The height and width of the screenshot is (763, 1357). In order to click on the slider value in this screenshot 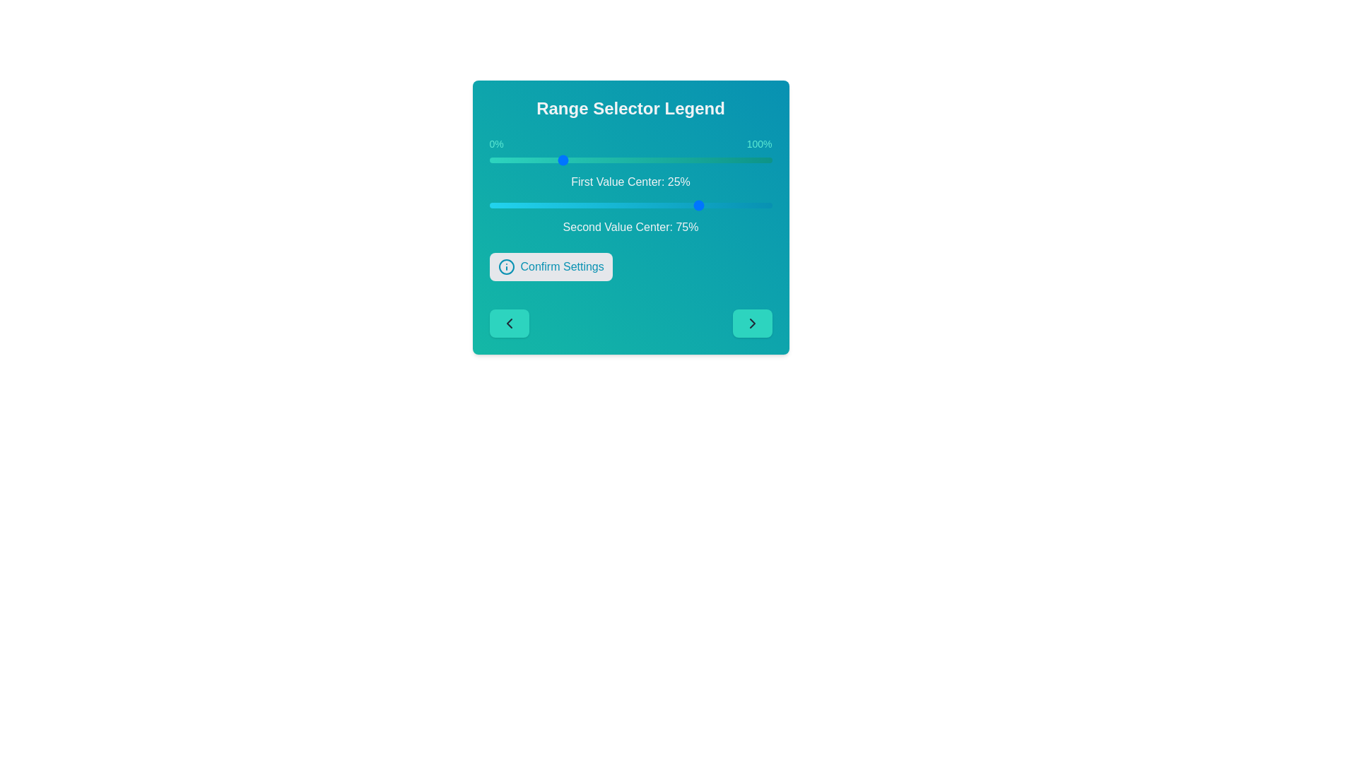, I will do `click(675, 160)`.